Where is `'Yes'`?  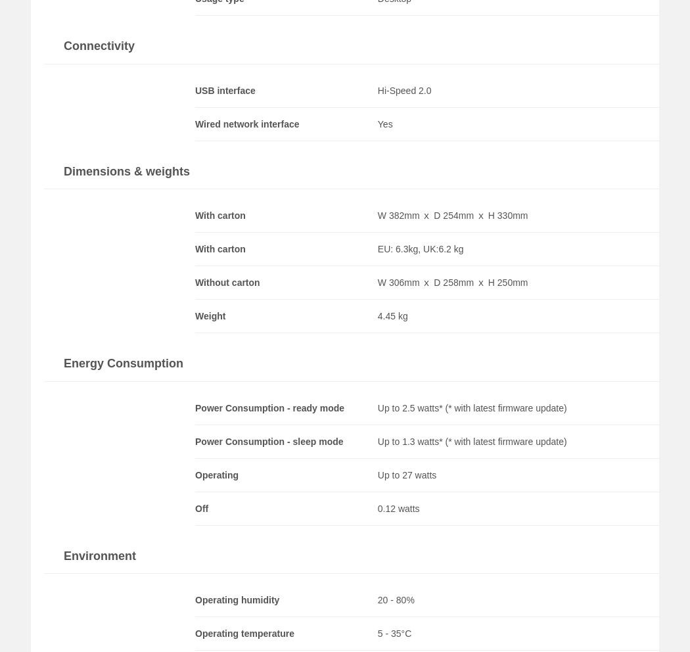
'Yes' is located at coordinates (343, 218).